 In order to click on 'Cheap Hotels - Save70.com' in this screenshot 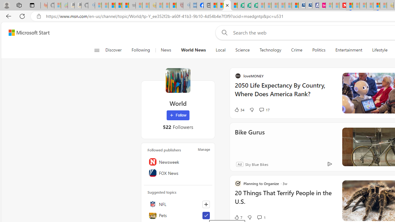, I will do `click(309, 5)`.